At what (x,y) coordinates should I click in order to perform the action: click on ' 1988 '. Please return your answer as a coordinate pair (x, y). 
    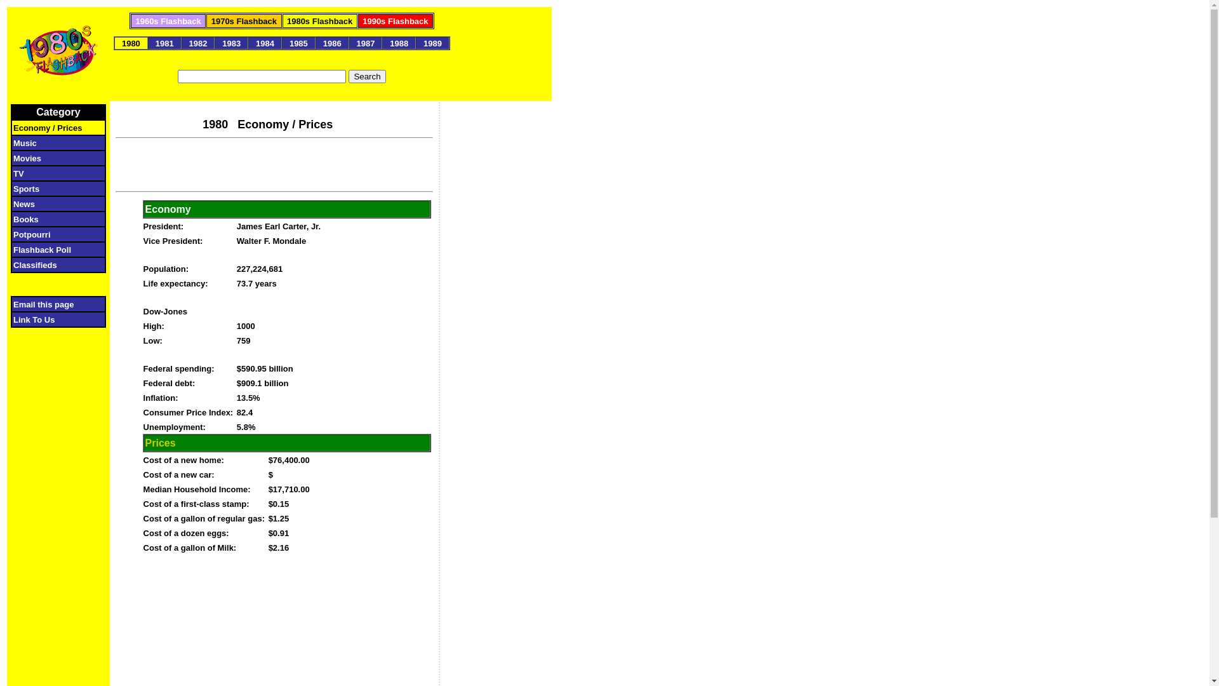
    Looking at the image, I should click on (398, 42).